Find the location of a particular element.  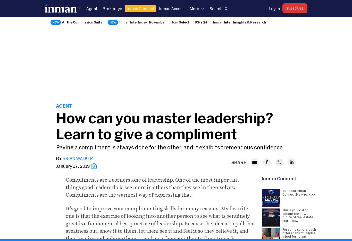

'How can you master leadership? Learn to give a compliment' is located at coordinates (164, 125).